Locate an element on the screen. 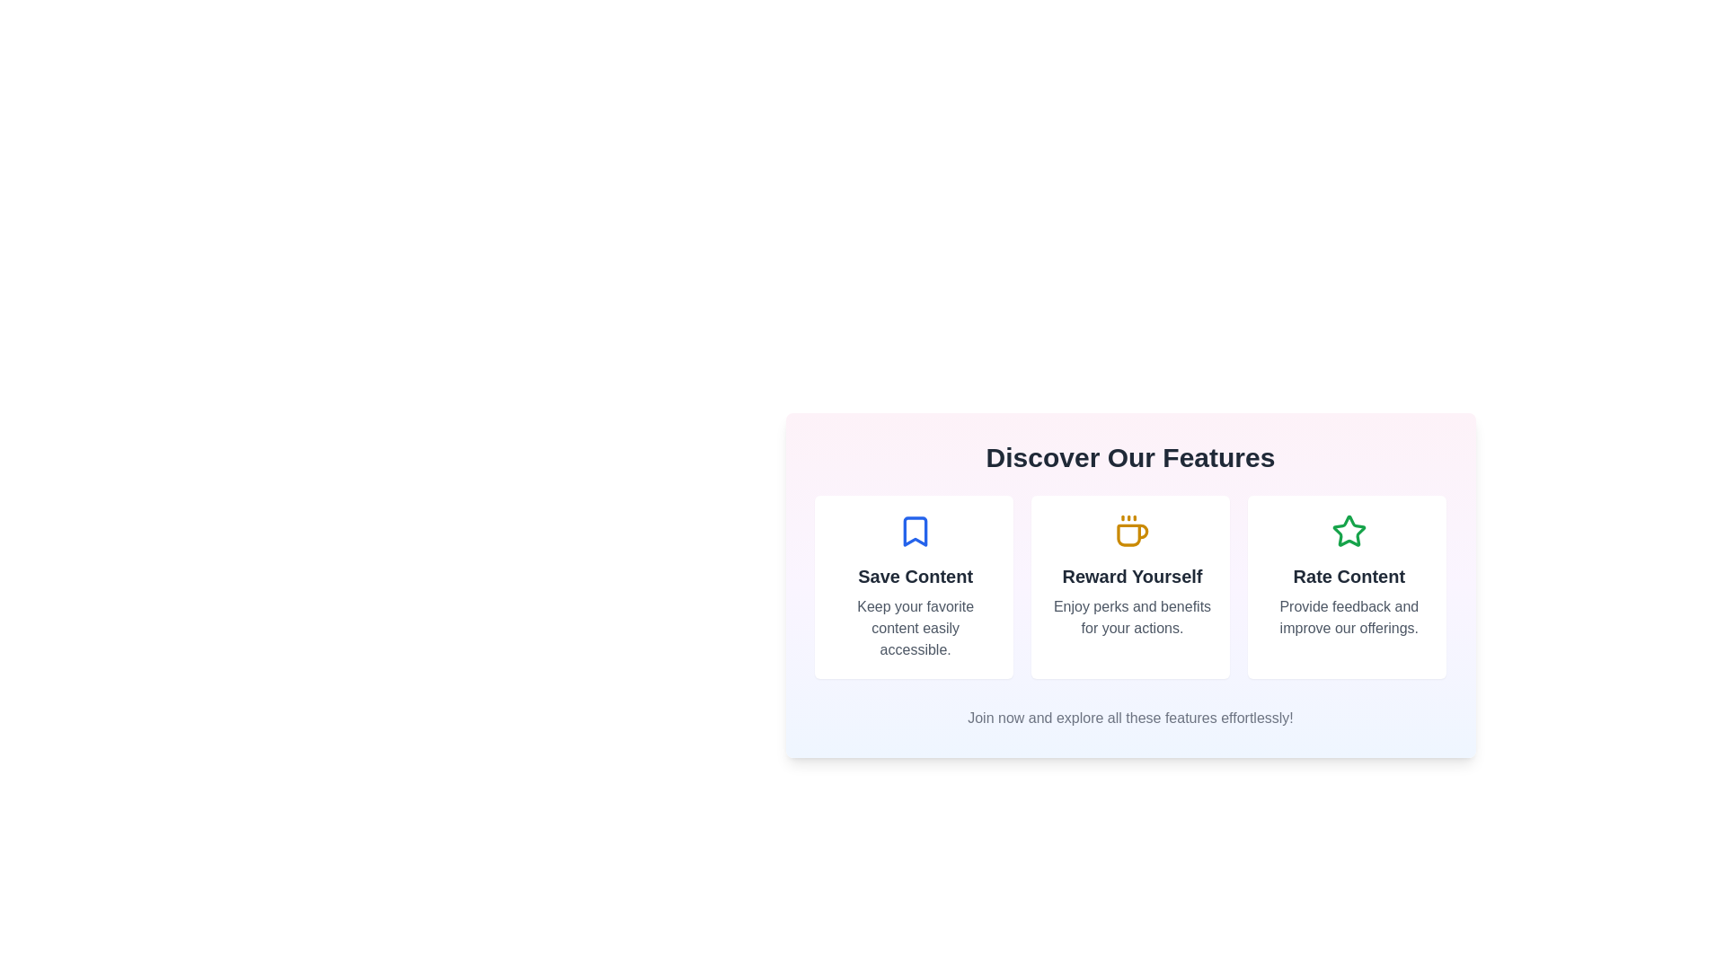 The height and width of the screenshot is (970, 1725). the 'Rate Content' text element, which is bold and dark gray, located below a green star icon in the third card of a horizontally arranged trio of feature cards is located at coordinates (1349, 576).